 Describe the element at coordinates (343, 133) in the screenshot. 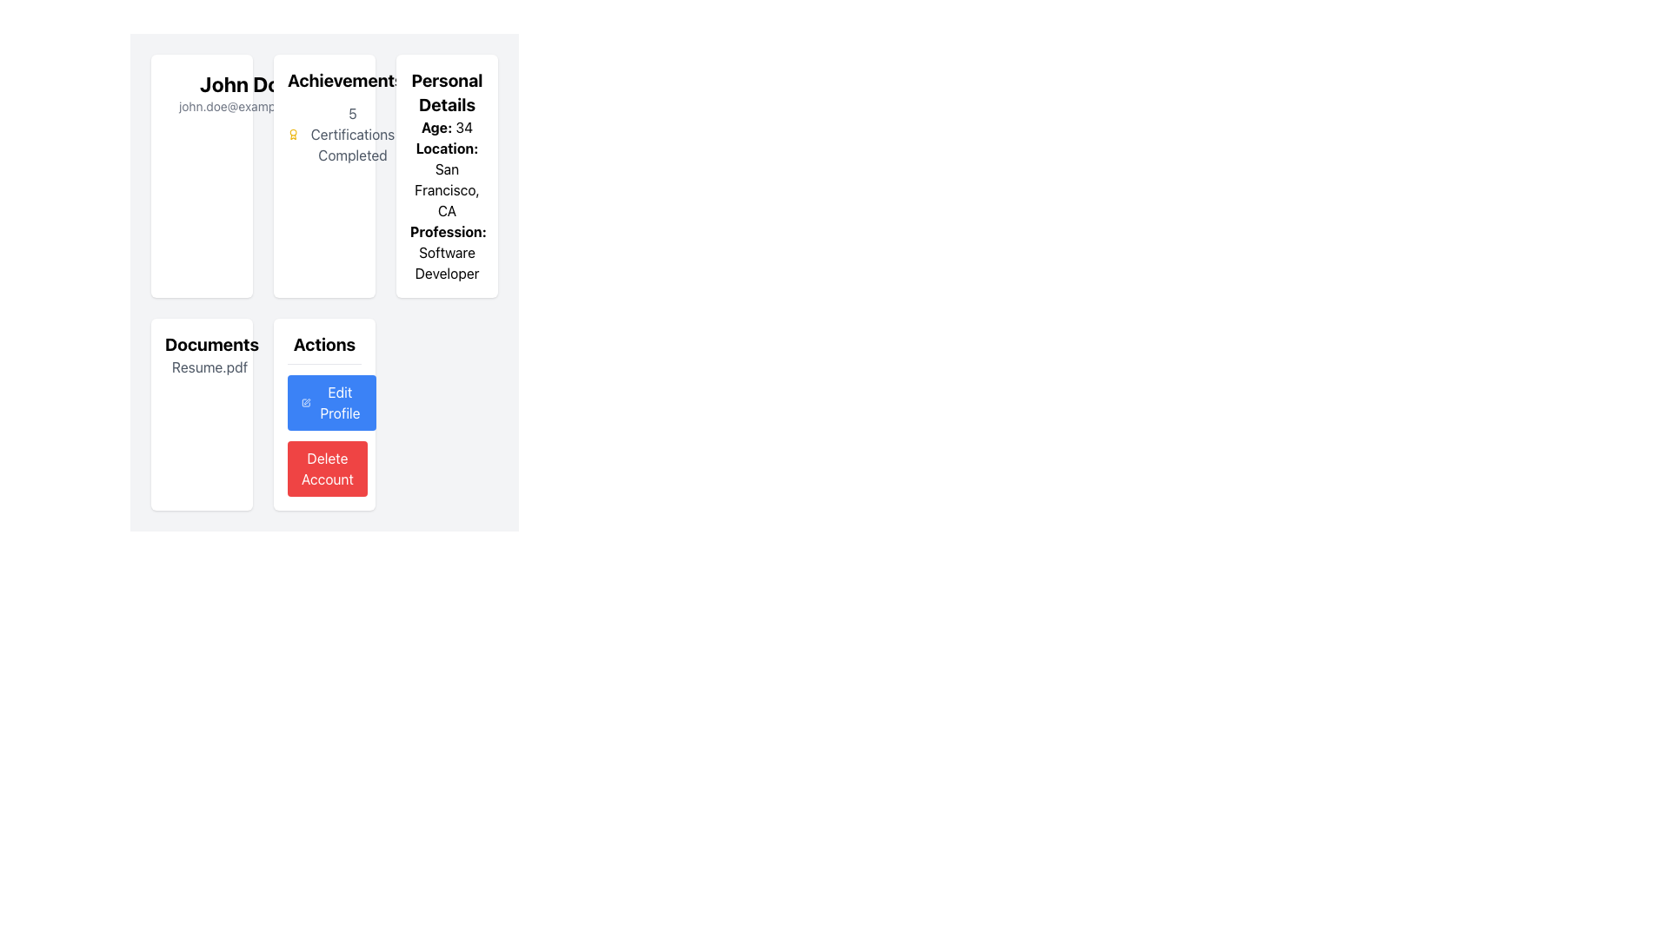

I see `the text label displaying the number of certifications completed by the user in the 'Achievements' section, located below the 'Achievements' heading` at that location.